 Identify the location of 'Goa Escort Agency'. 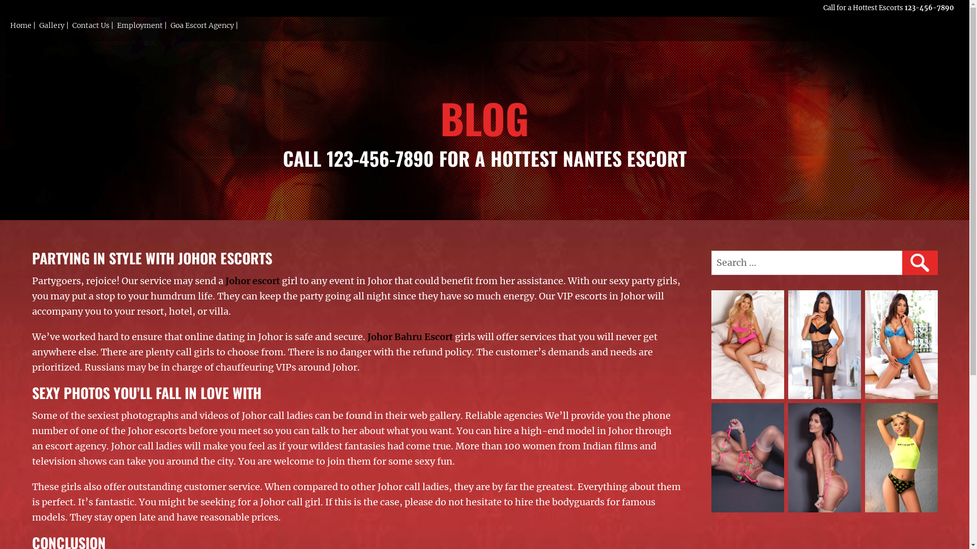
(203, 25).